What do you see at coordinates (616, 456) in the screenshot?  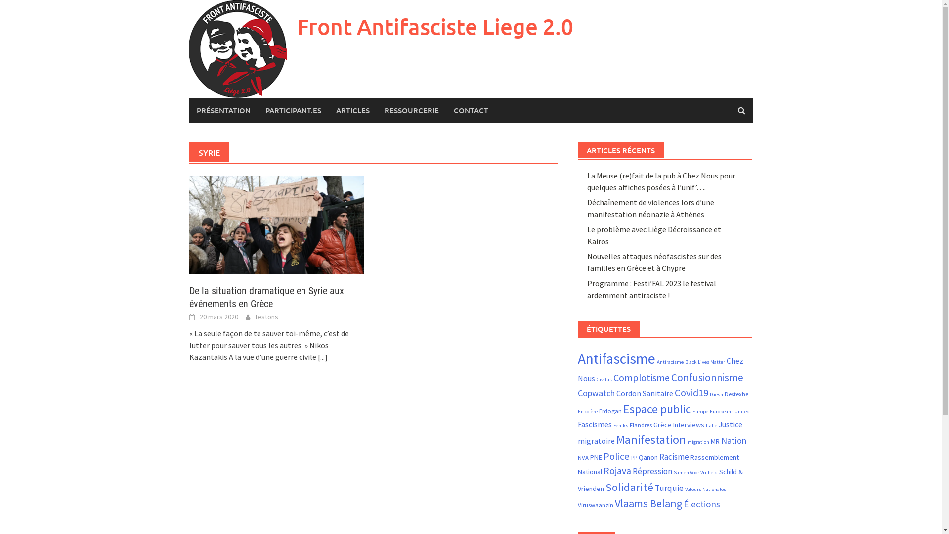 I see `'Police'` at bounding box center [616, 456].